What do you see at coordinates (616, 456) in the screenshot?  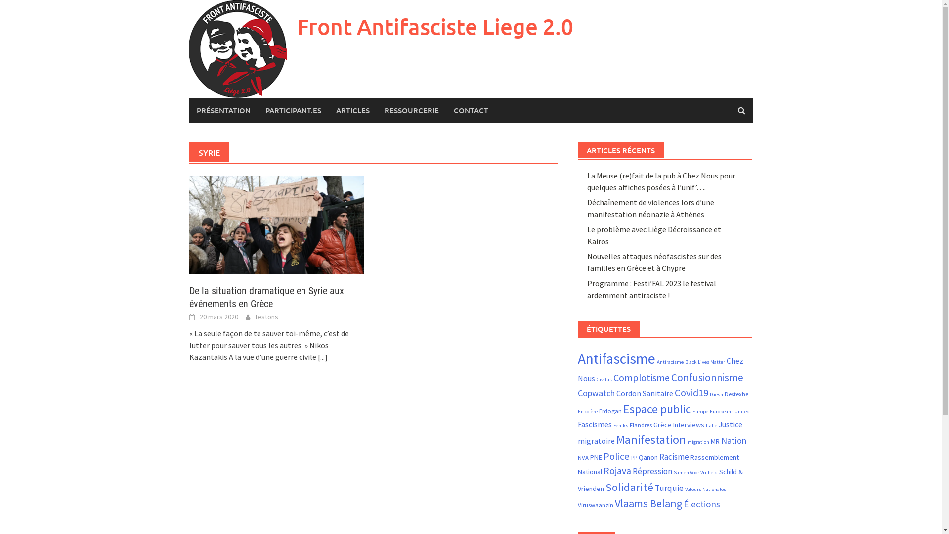 I see `'Police'` at bounding box center [616, 456].